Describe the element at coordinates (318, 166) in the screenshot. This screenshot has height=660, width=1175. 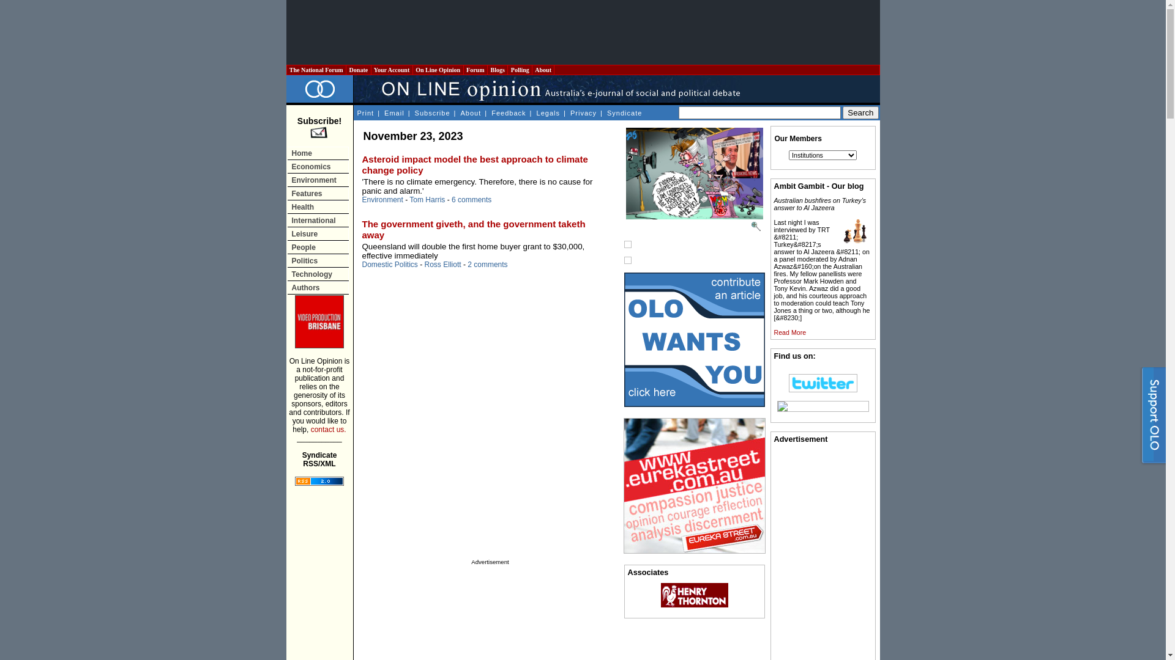
I see `'Economics'` at that location.